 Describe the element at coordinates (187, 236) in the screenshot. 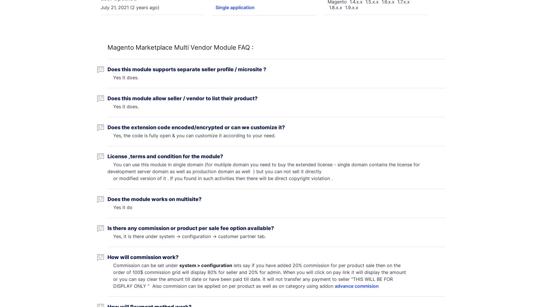

I see `'Yes, it is there under system -> configuration -> customer partner tab.'` at that location.